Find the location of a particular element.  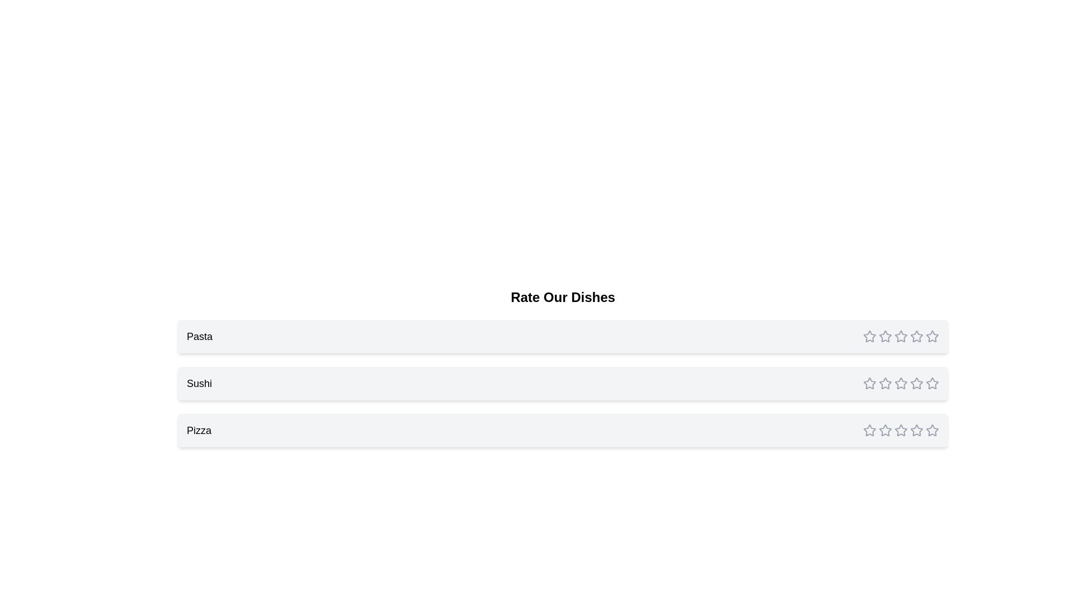

the header text block that indicates the purpose of the section for rating dishes, located at the top of the section with dishes labeled 'Pasta', 'Sushi', and 'Pizza' is located at coordinates (563, 297).